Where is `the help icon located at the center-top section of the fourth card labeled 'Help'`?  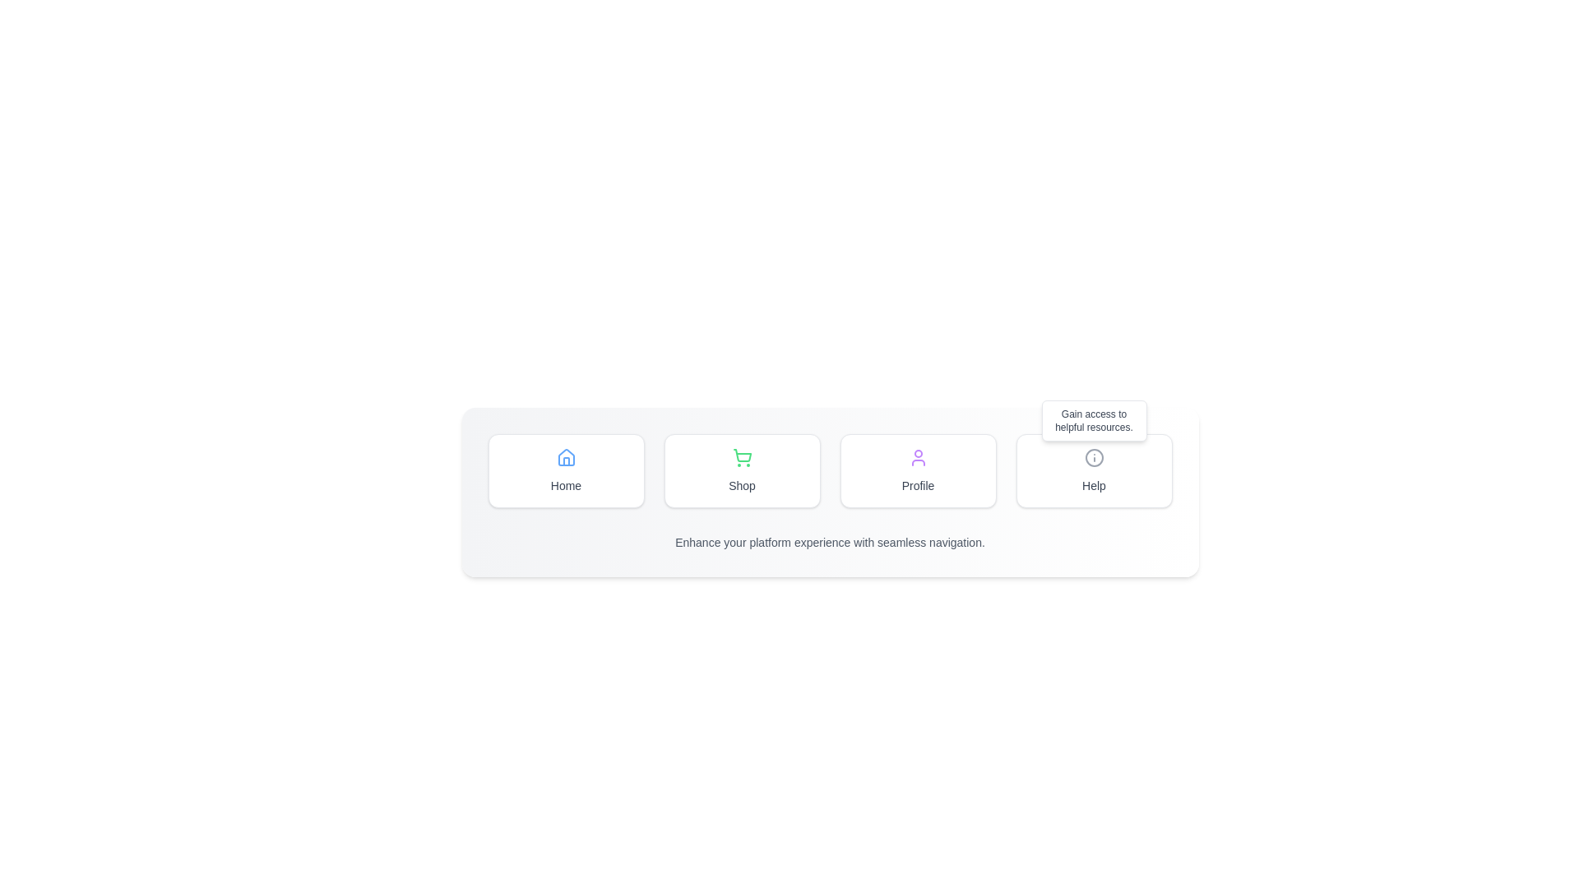
the help icon located at the center-top section of the fourth card labeled 'Help' is located at coordinates (1094, 457).